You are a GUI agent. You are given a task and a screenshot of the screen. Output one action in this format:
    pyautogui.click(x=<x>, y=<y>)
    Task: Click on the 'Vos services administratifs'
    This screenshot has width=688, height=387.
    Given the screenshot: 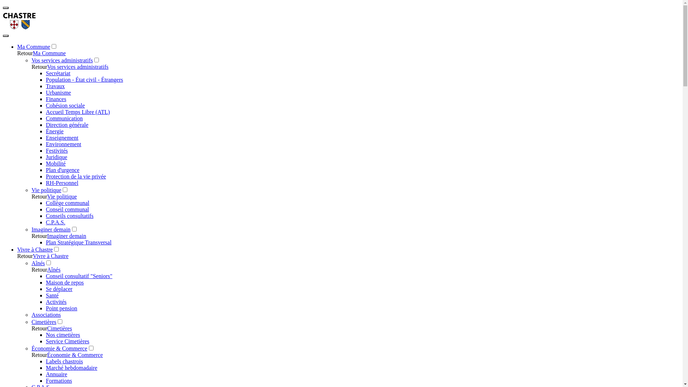 What is the action you would take?
    pyautogui.click(x=47, y=67)
    